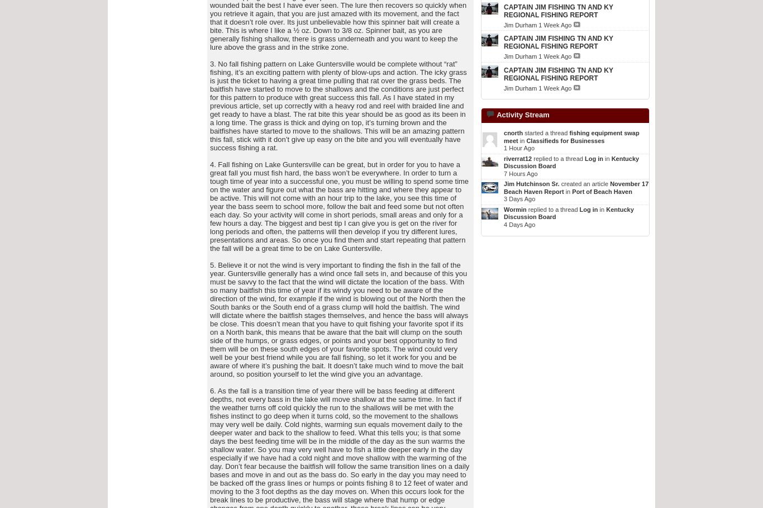 This screenshot has height=508, width=763. What do you see at coordinates (515, 208) in the screenshot?
I see `'Wormin'` at bounding box center [515, 208].